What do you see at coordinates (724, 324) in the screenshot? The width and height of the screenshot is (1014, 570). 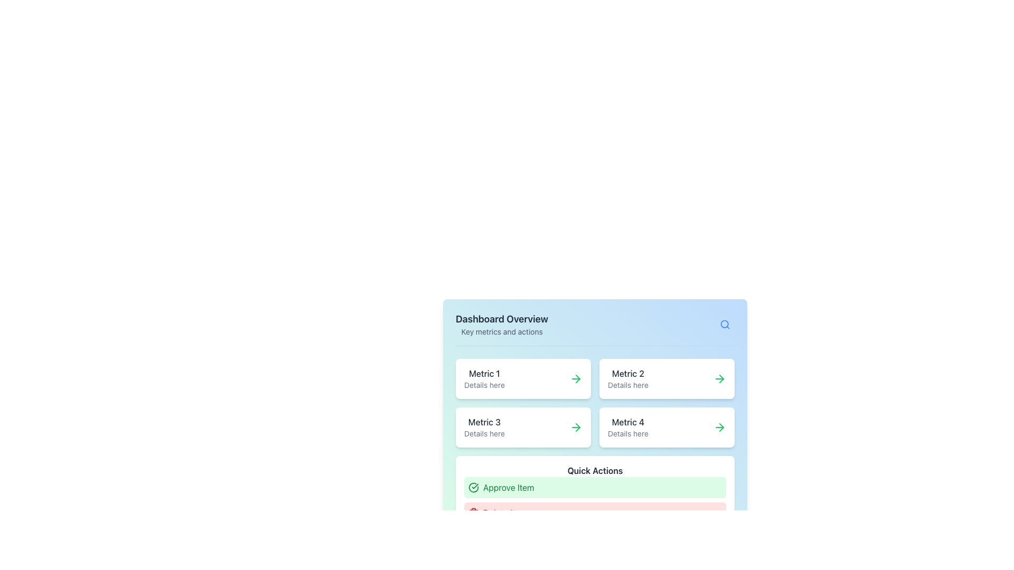 I see `the central circle of the magnifying glass icon located at the top-right corner, which serves as a search button` at bounding box center [724, 324].